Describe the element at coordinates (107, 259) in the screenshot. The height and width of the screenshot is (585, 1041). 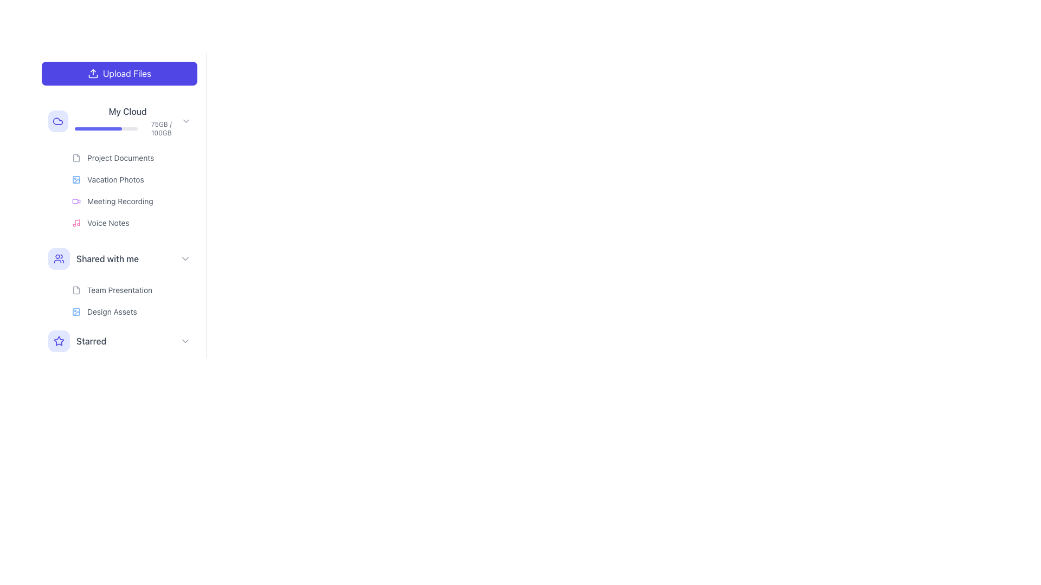
I see `the static text label reading 'Shared with me' in the sidebar menu` at that location.